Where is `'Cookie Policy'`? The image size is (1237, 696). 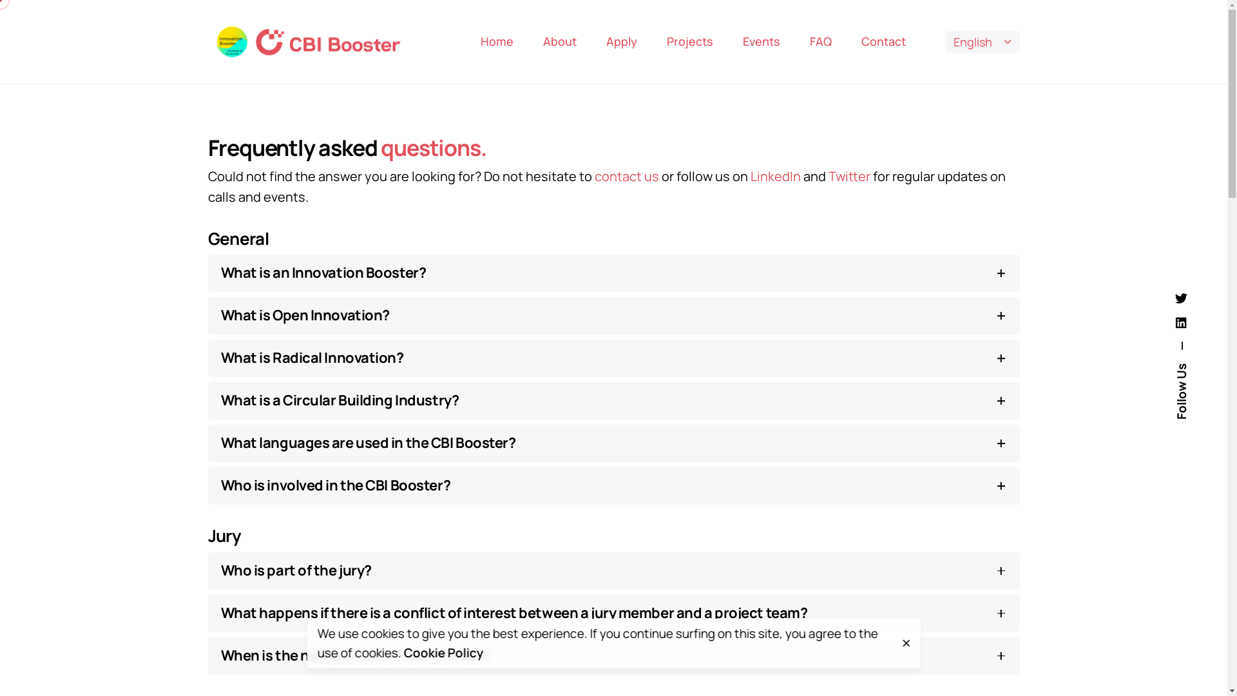
'Cookie Policy' is located at coordinates (443, 653).